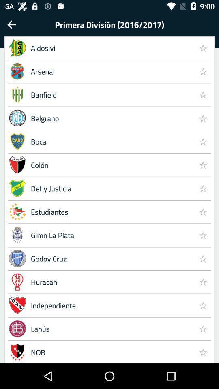 The height and width of the screenshot is (389, 219). I want to click on item below gimn la plata item, so click(202, 258).